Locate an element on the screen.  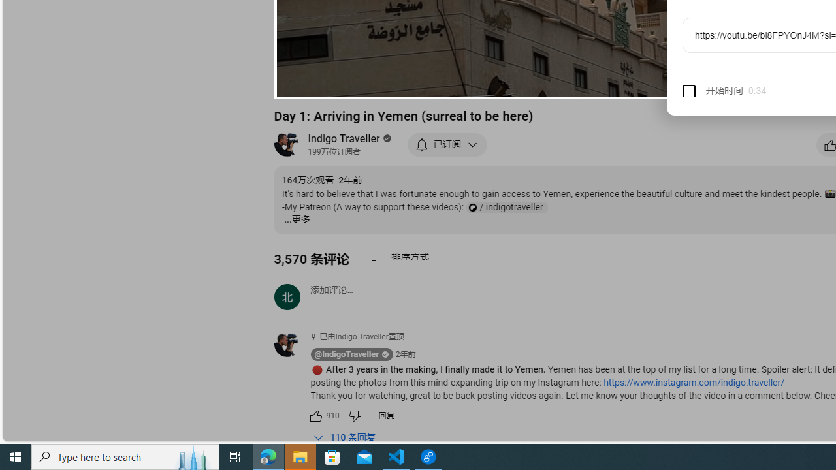
'https://www.instagram.com/indigo.traveller/' is located at coordinates (693, 382).